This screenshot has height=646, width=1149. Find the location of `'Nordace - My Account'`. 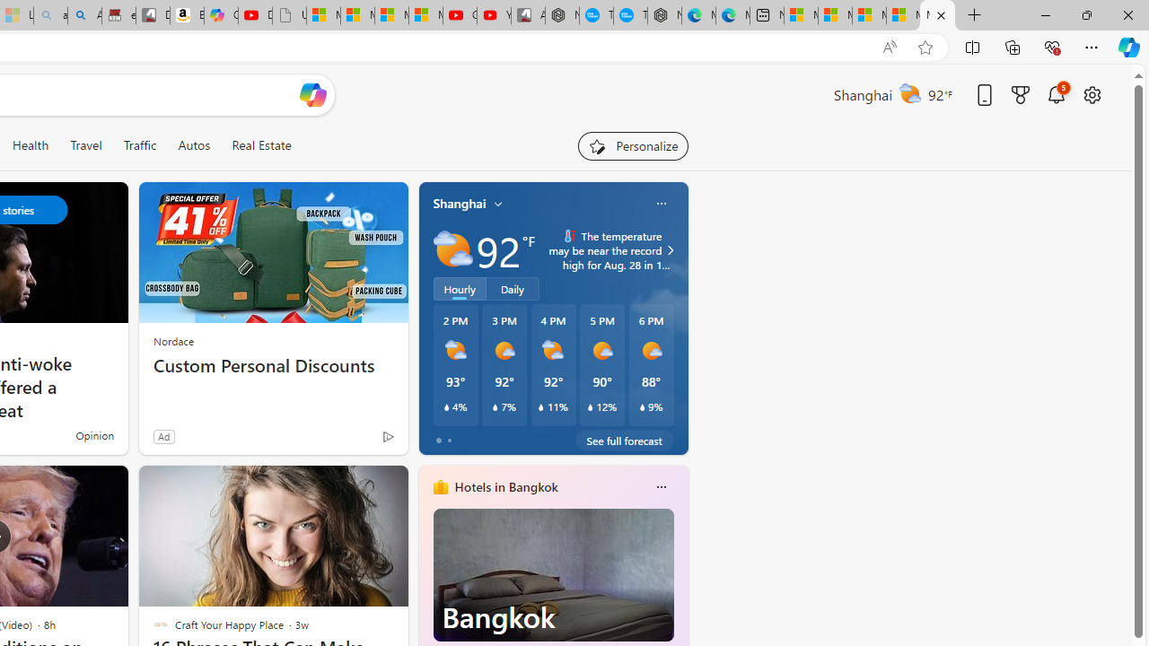

'Nordace - My Account' is located at coordinates (561, 15).